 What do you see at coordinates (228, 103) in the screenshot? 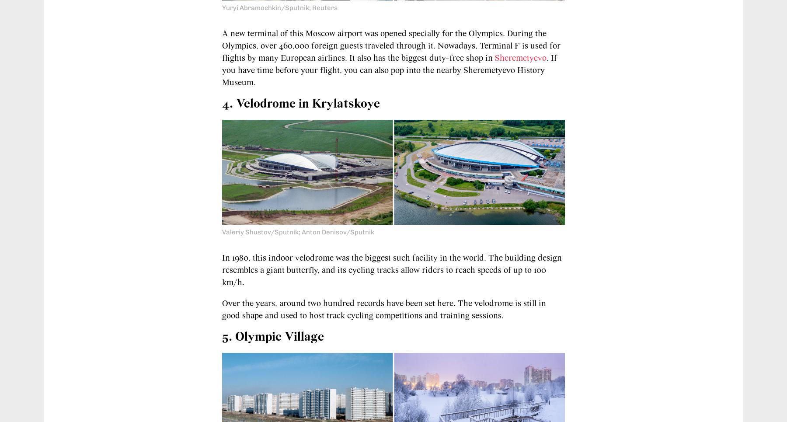
I see `'4.'` at bounding box center [228, 103].